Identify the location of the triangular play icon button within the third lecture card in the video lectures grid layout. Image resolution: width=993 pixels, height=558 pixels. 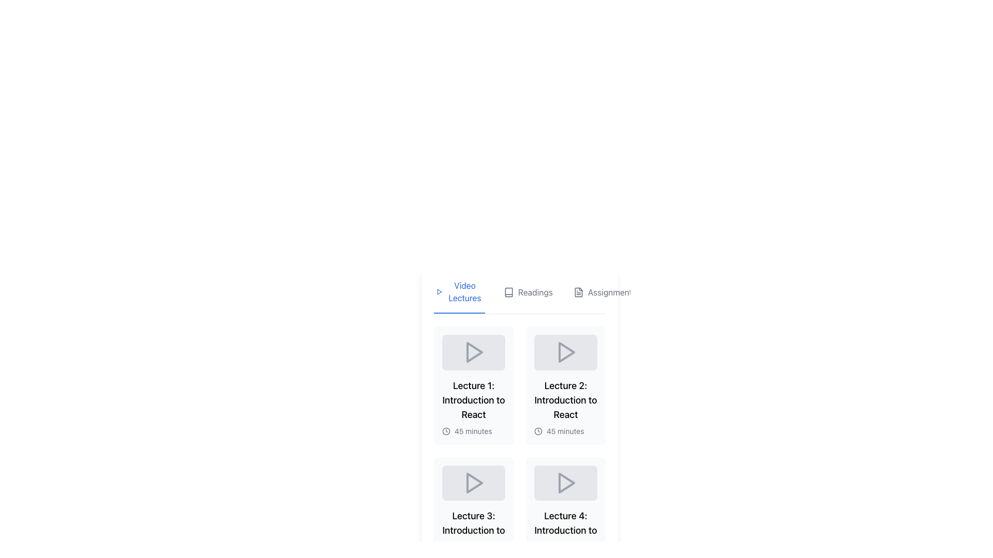
(473, 482).